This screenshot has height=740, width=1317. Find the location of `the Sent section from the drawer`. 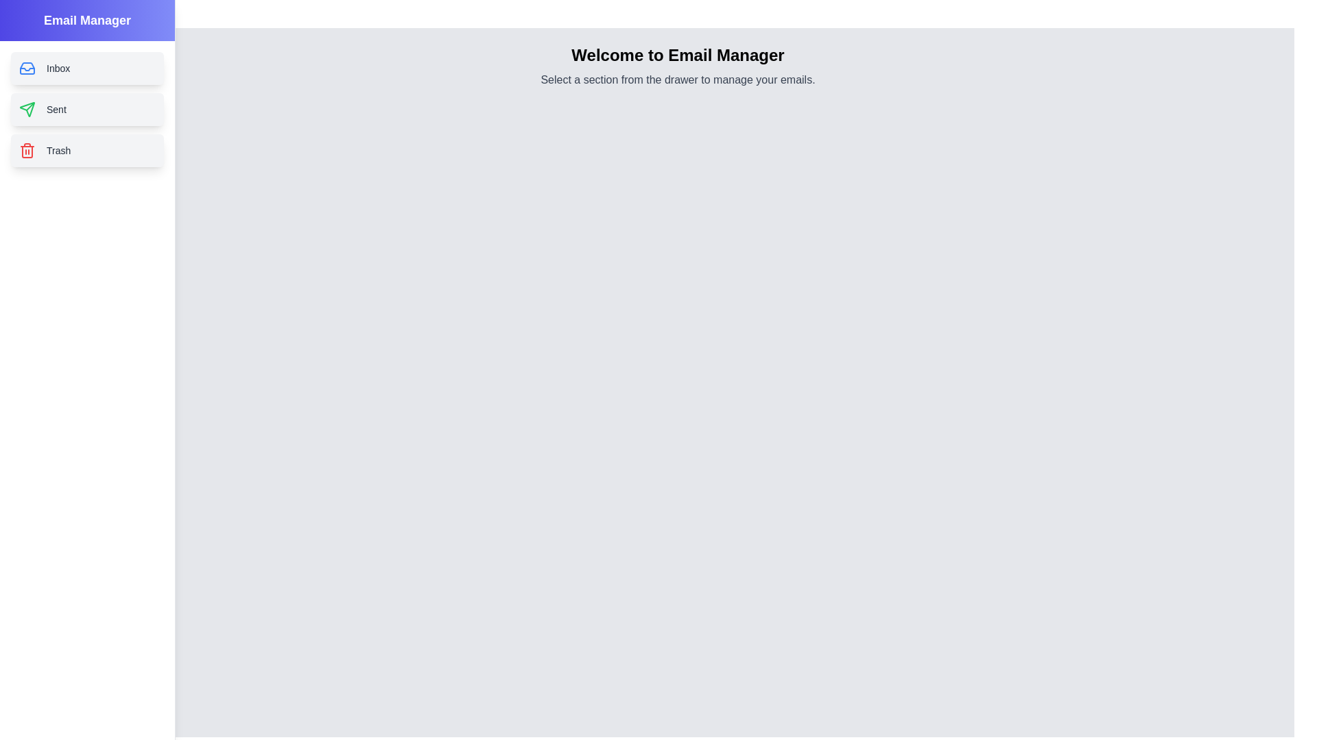

the Sent section from the drawer is located at coordinates (86, 108).